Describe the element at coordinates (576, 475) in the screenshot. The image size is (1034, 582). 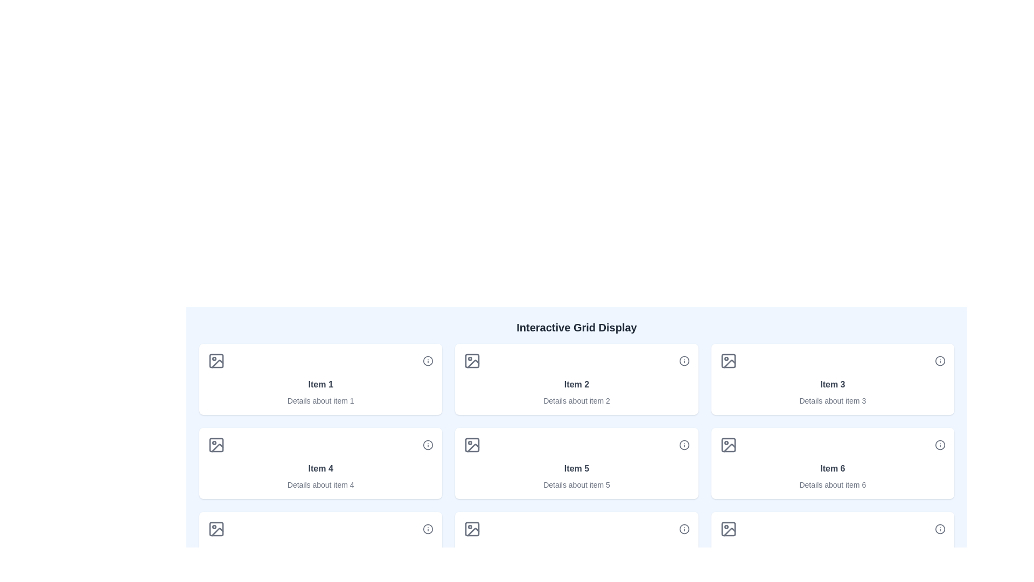
I see `the informational card displaying the title 'Item 5' and its details 'Details about item 5', located in the second row, third column of the grid layout` at that location.